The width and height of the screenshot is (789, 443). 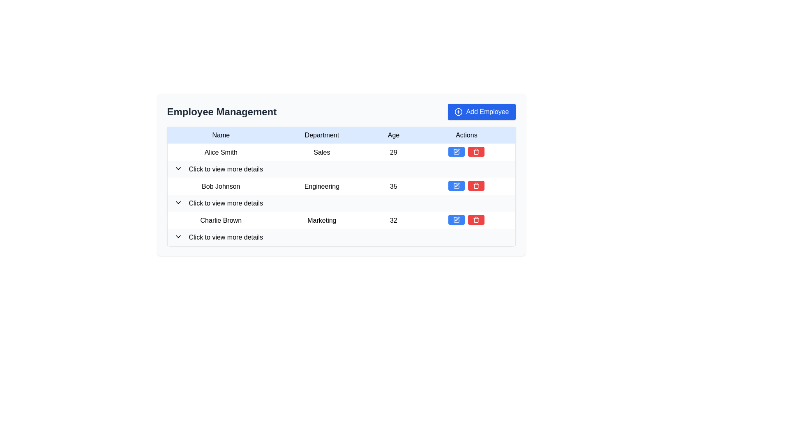 I want to click on the text element 'Engineering' located in the second row of the table under the 'Department' column, which is centrally aligned and positioned between 'Bob Johnson' and '35', so click(x=321, y=186).